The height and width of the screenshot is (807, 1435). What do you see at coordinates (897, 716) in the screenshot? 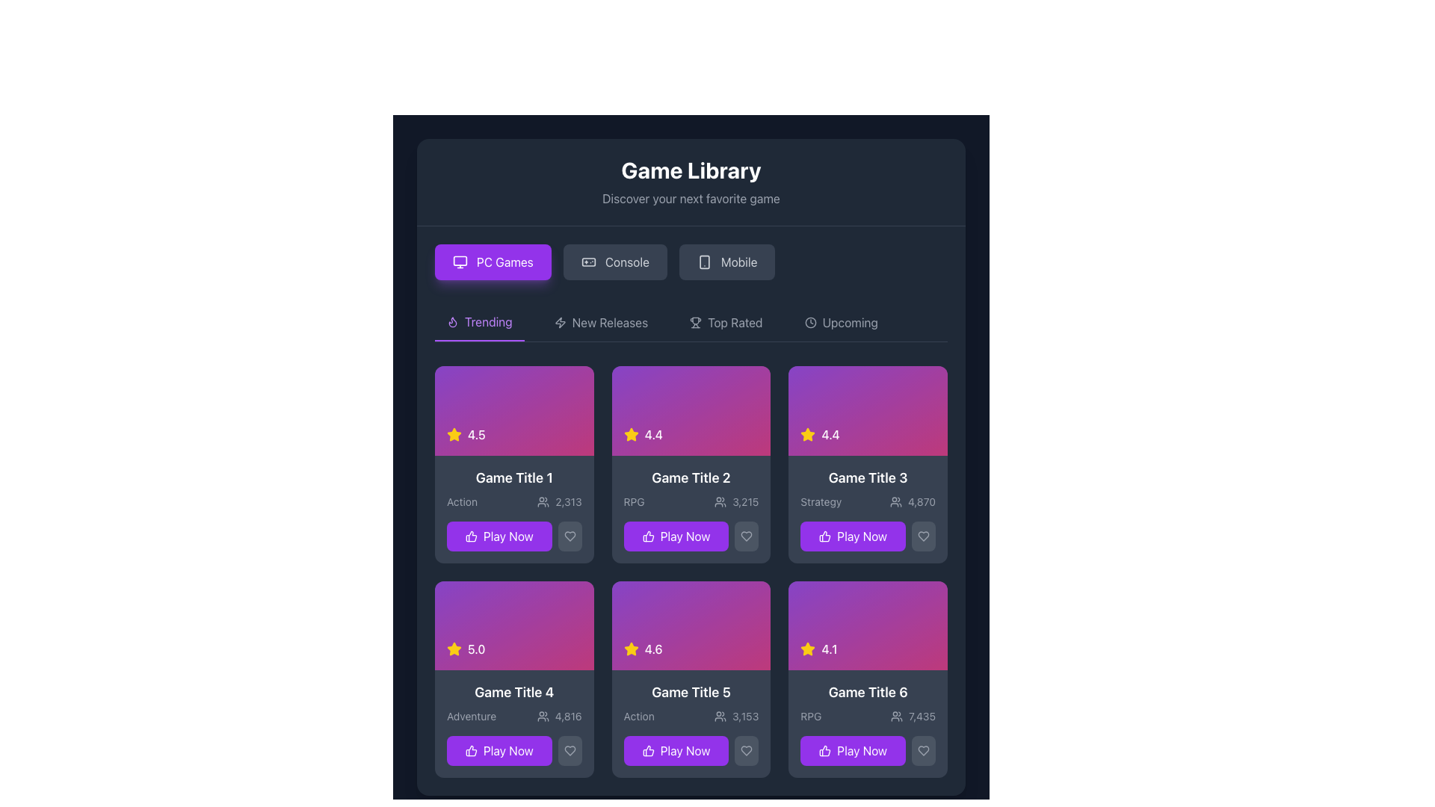
I see `the user statistics icon located on the 'Game Title 6' card, which is positioned in the bottom-right corner next to the numeric value '7,435'` at bounding box center [897, 716].